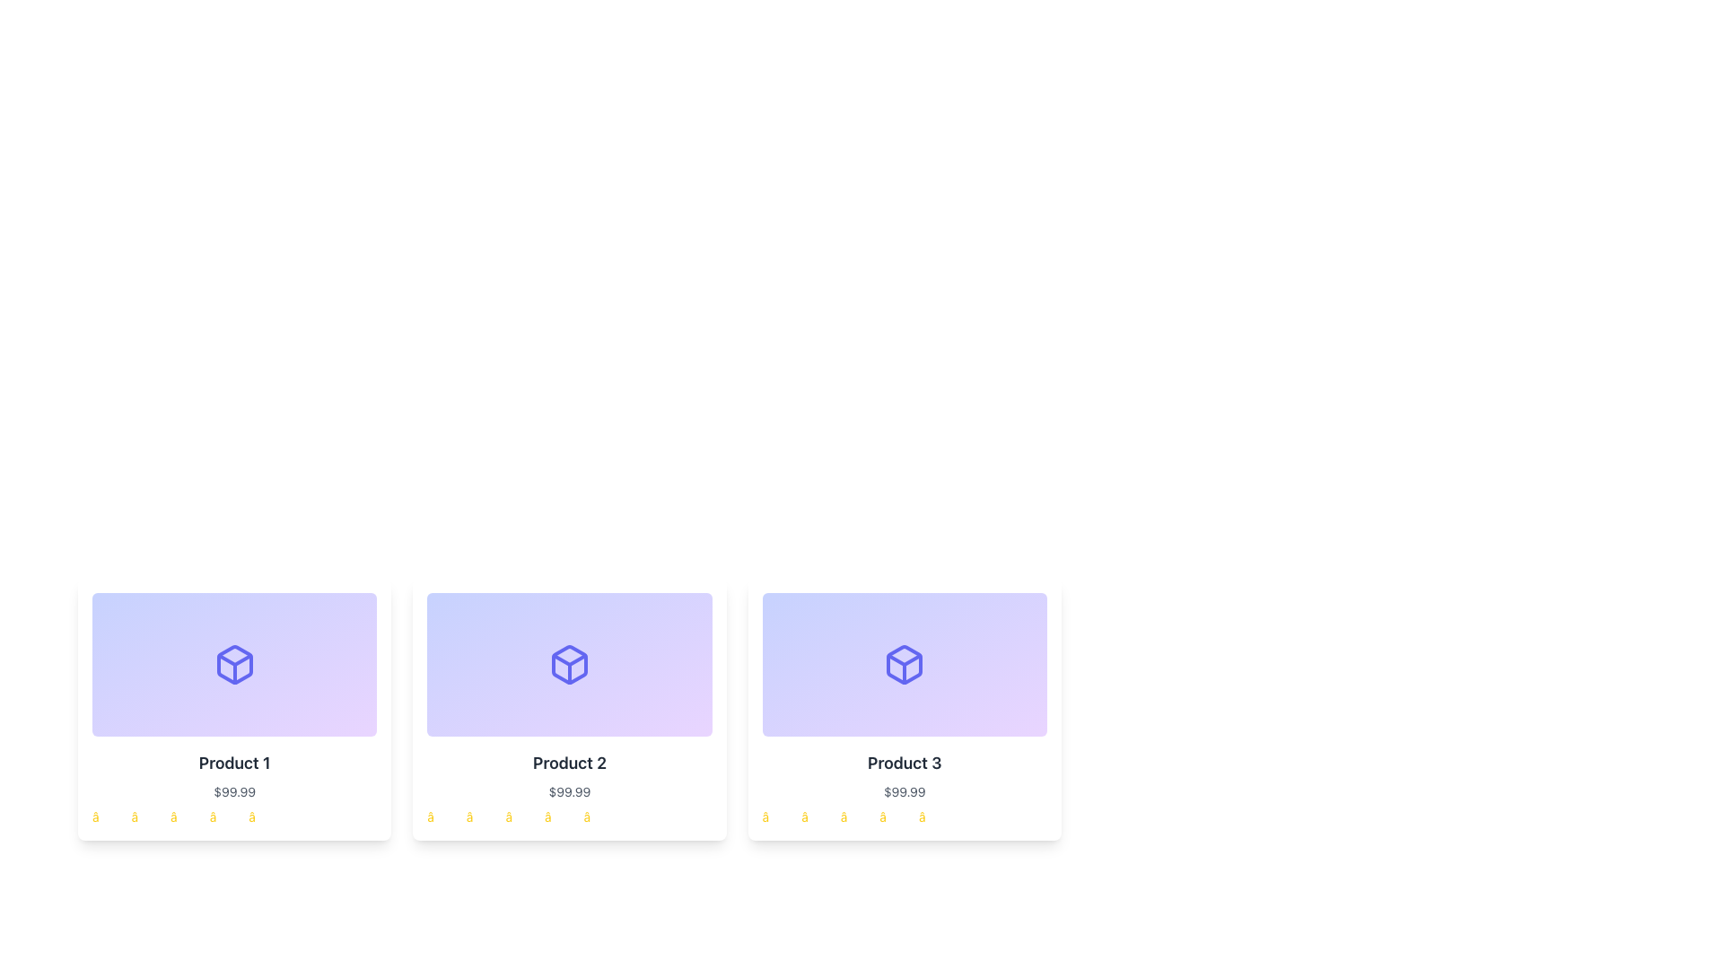 The width and height of the screenshot is (1723, 969). I want to click on the appearance of the fourth star icon in the rating system of 'Product 1', located beneath the price and product title, so click(224, 816).